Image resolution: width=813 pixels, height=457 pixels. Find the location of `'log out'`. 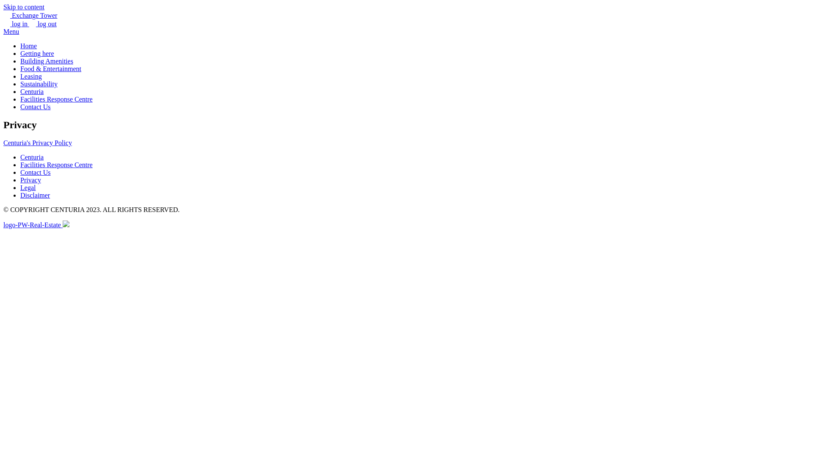

'log out' is located at coordinates (42, 23).